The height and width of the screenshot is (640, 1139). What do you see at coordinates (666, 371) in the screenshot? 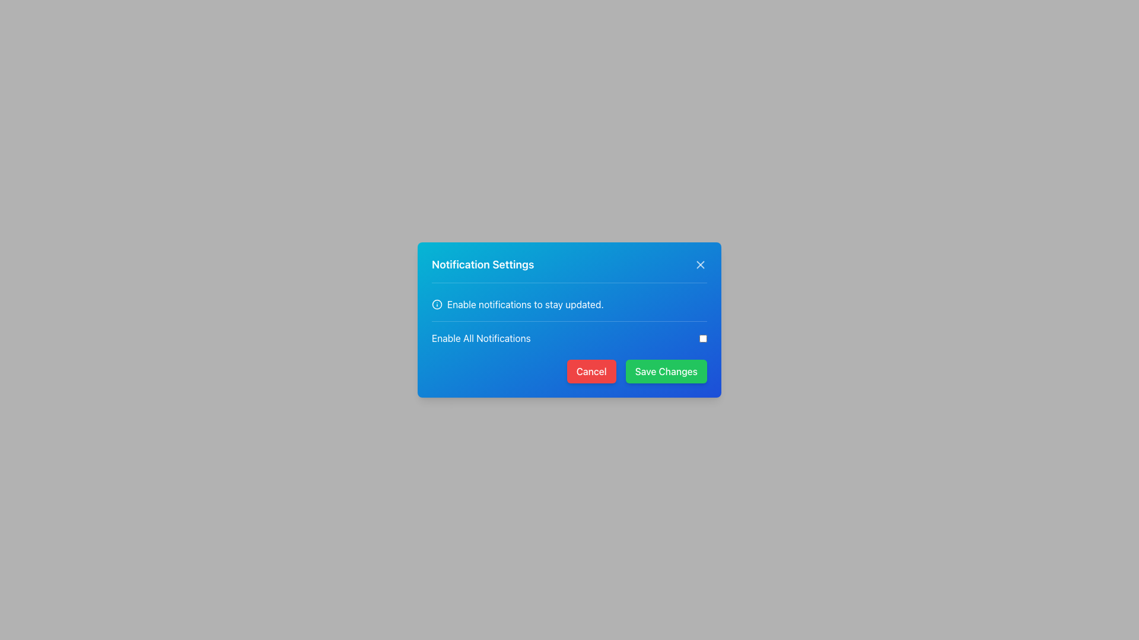
I see `the 'Save Changes' button, which is a green button with white text located at the bottom-right of the modal interface, to confirm changes` at bounding box center [666, 371].